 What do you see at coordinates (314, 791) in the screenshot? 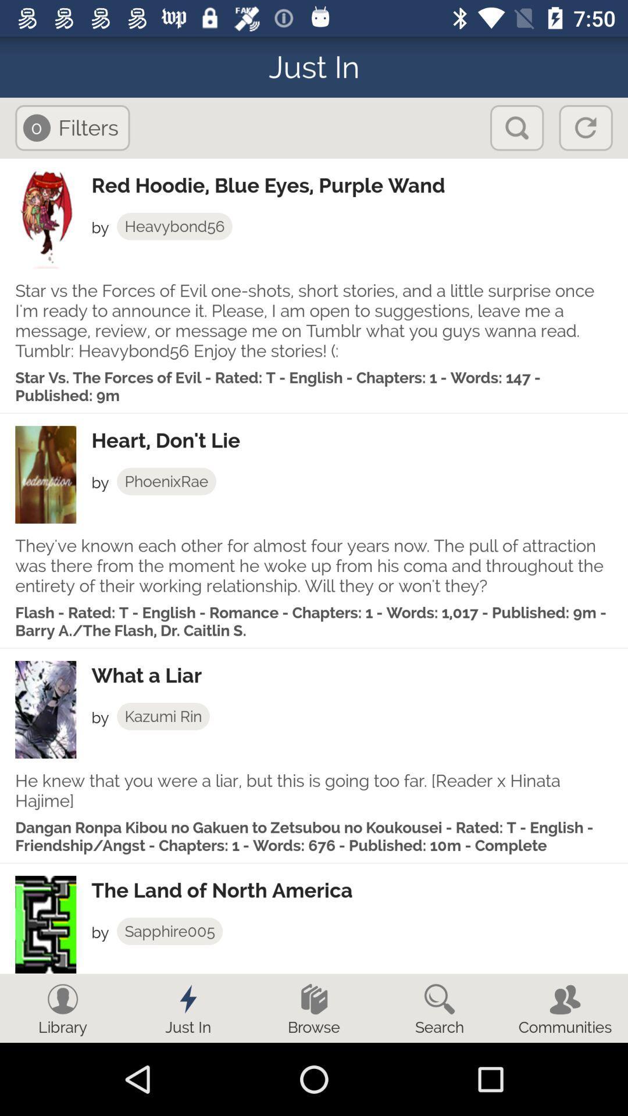
I see `the he knew that icon` at bounding box center [314, 791].